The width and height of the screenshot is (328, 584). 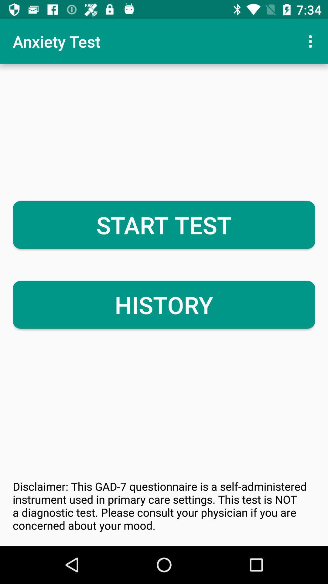 I want to click on icon above start test item, so click(x=312, y=41).